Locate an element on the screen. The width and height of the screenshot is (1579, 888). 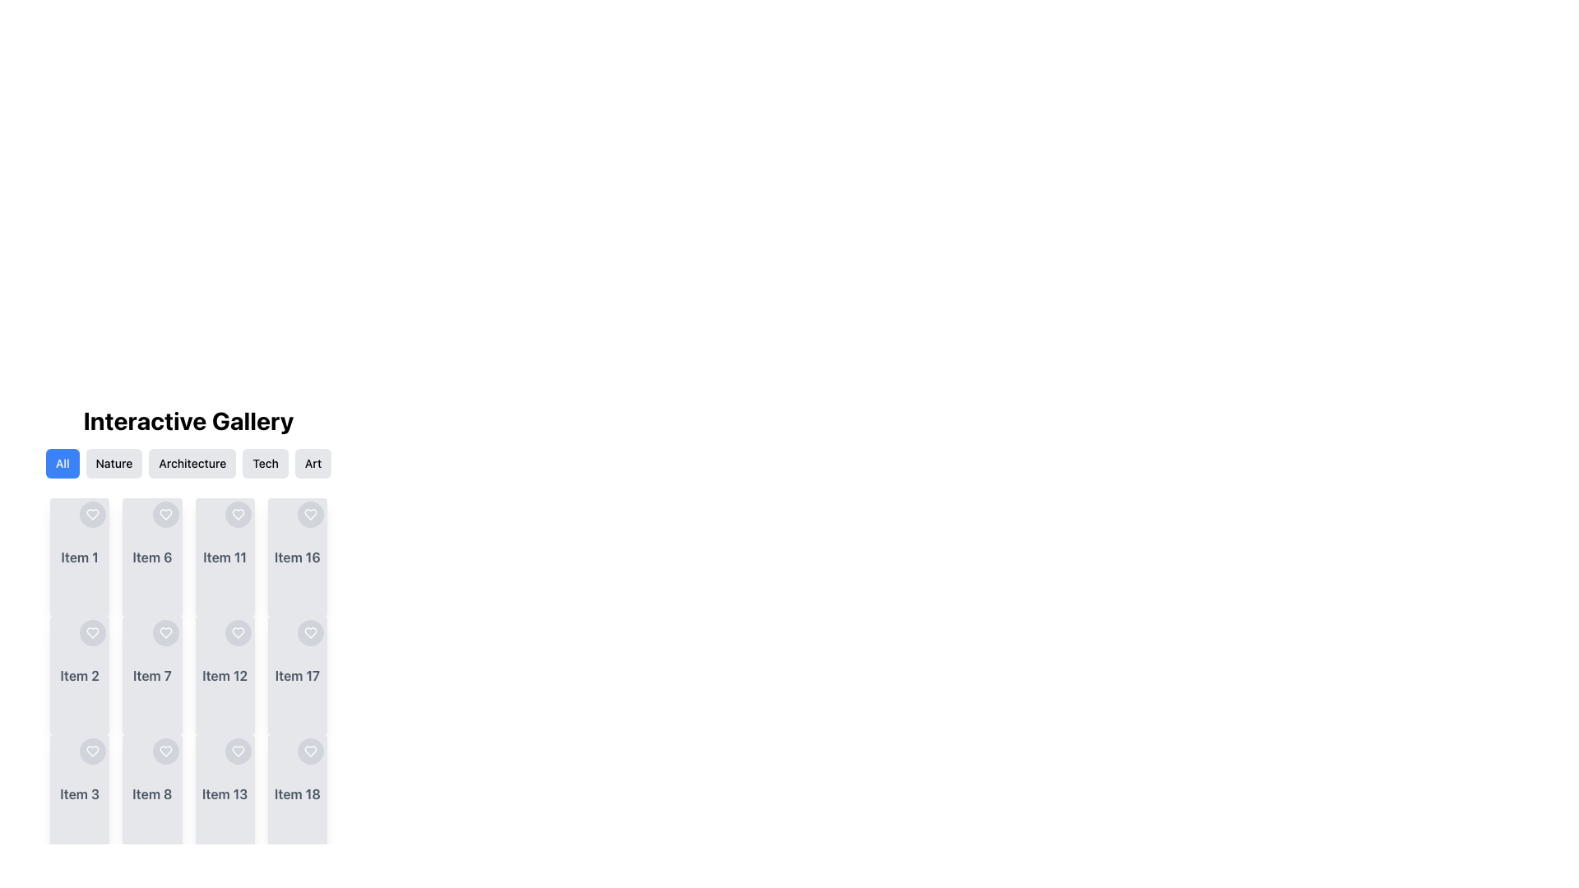
the label/text component located in the fourth column and fourth row of the grid layout, which serves as an identifier for an item in the content gallery is located at coordinates (224, 793).